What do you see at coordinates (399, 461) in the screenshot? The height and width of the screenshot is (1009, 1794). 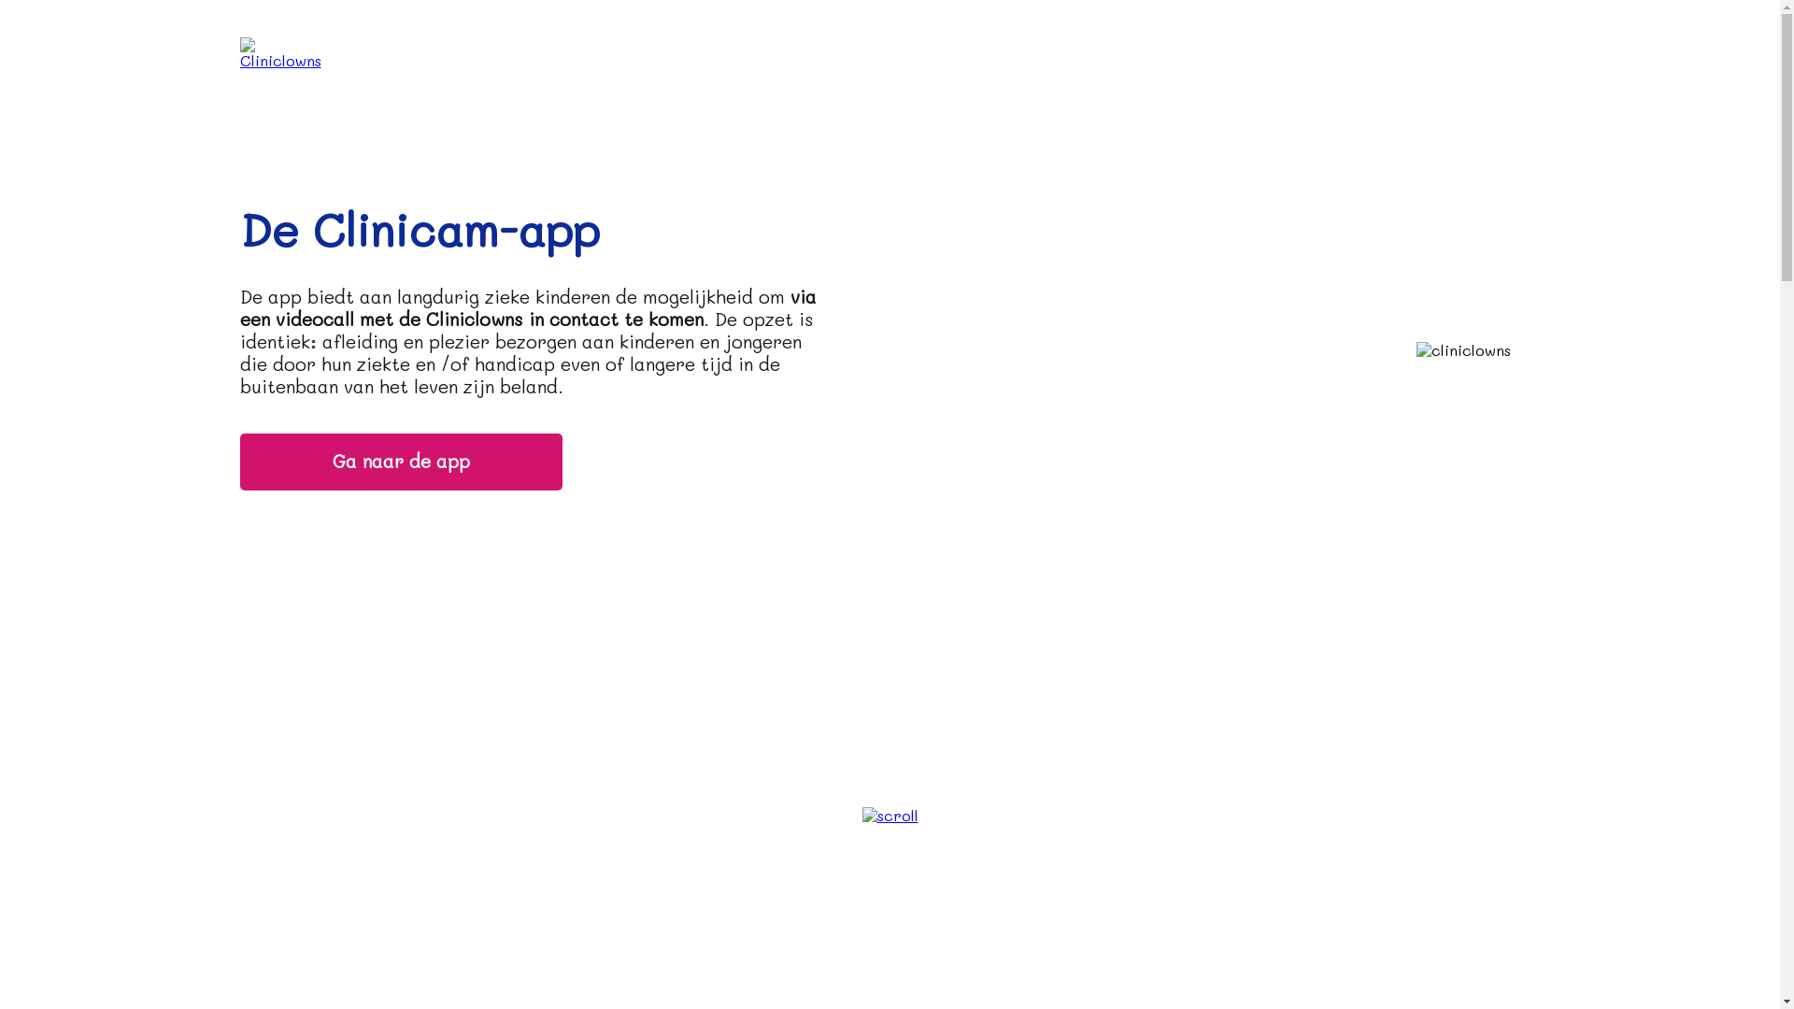 I see `'Ga naar de app'` at bounding box center [399, 461].